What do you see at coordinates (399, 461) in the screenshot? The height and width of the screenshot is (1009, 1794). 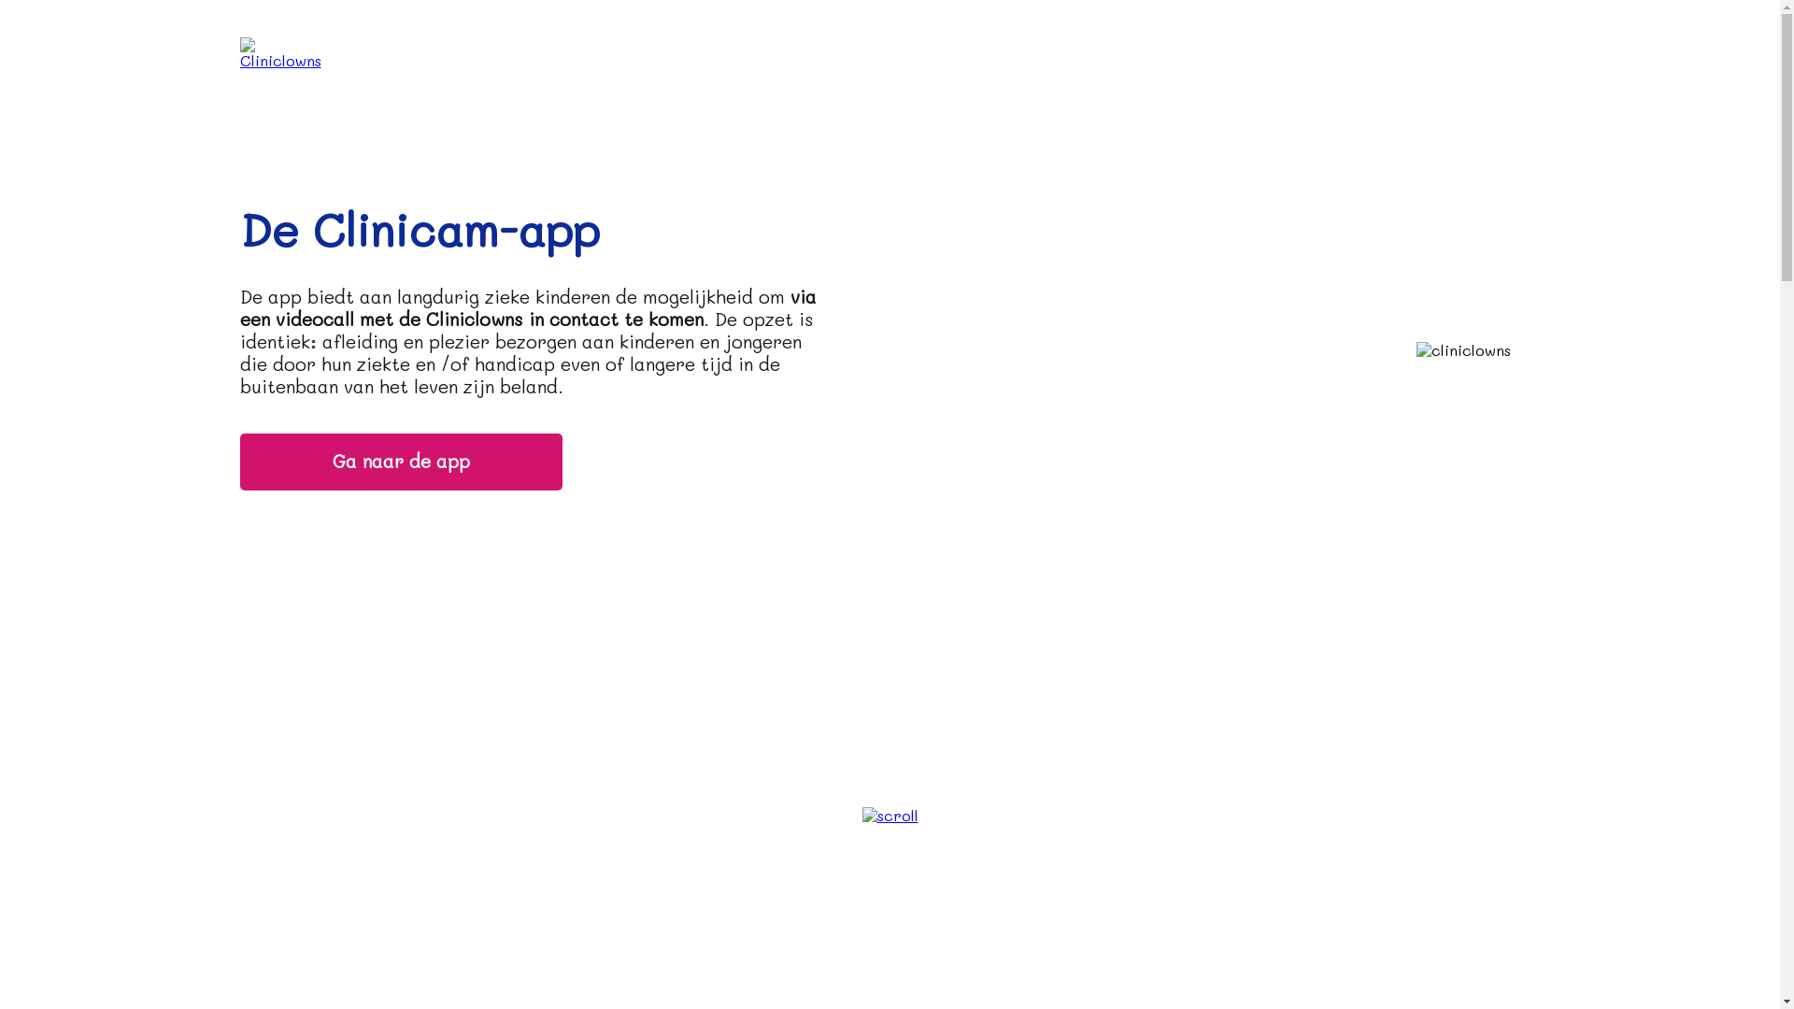 I see `'Ga naar de app'` at bounding box center [399, 461].